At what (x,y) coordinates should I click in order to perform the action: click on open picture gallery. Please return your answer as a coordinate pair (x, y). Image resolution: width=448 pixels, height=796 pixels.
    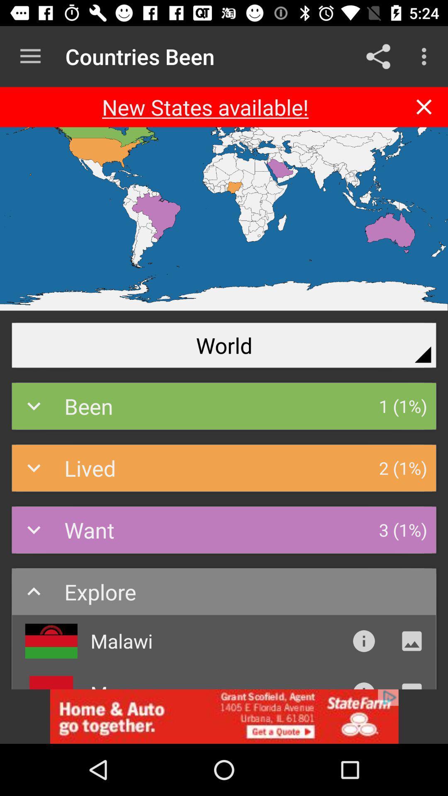
    Looking at the image, I should click on (411, 641).